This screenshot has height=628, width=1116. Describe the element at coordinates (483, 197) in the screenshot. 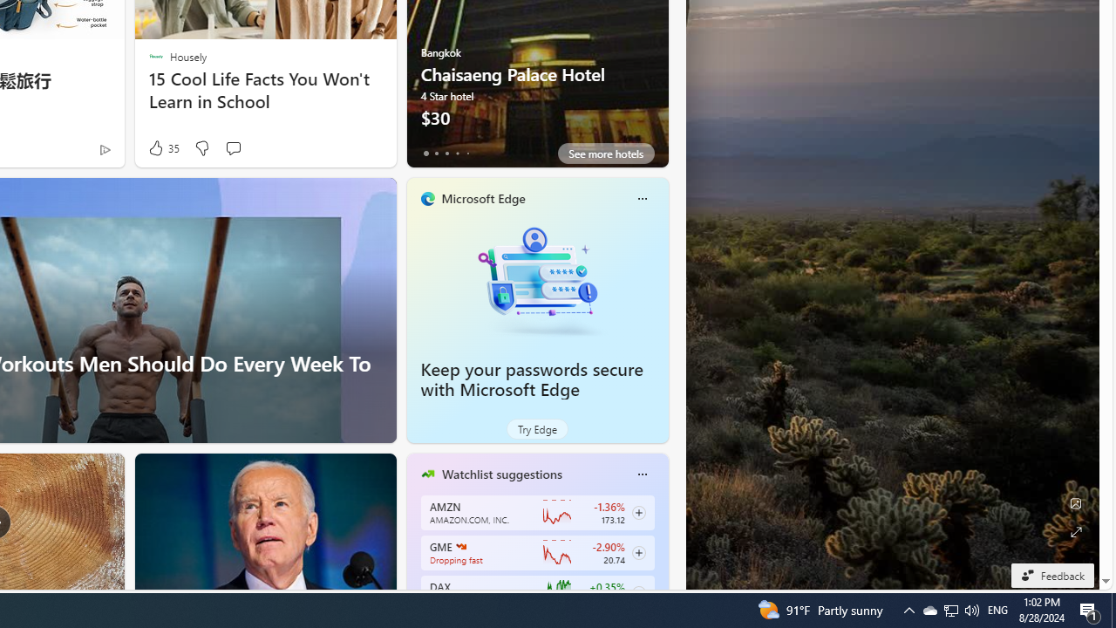

I see `'Microsoft Edge'` at that location.